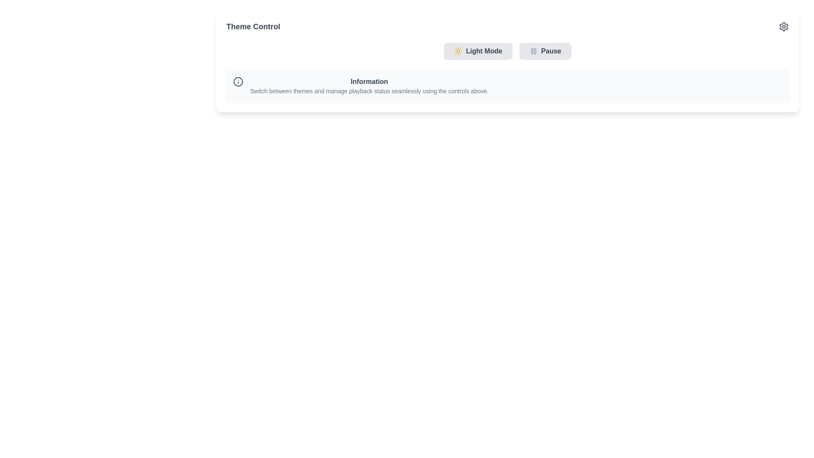  Describe the element at coordinates (533, 51) in the screenshot. I see `the 'Pause' button icon, which consists of two vertical bars and is styled in gray, located to the right of the 'Light Mode' button in the top right section of the interface` at that location.